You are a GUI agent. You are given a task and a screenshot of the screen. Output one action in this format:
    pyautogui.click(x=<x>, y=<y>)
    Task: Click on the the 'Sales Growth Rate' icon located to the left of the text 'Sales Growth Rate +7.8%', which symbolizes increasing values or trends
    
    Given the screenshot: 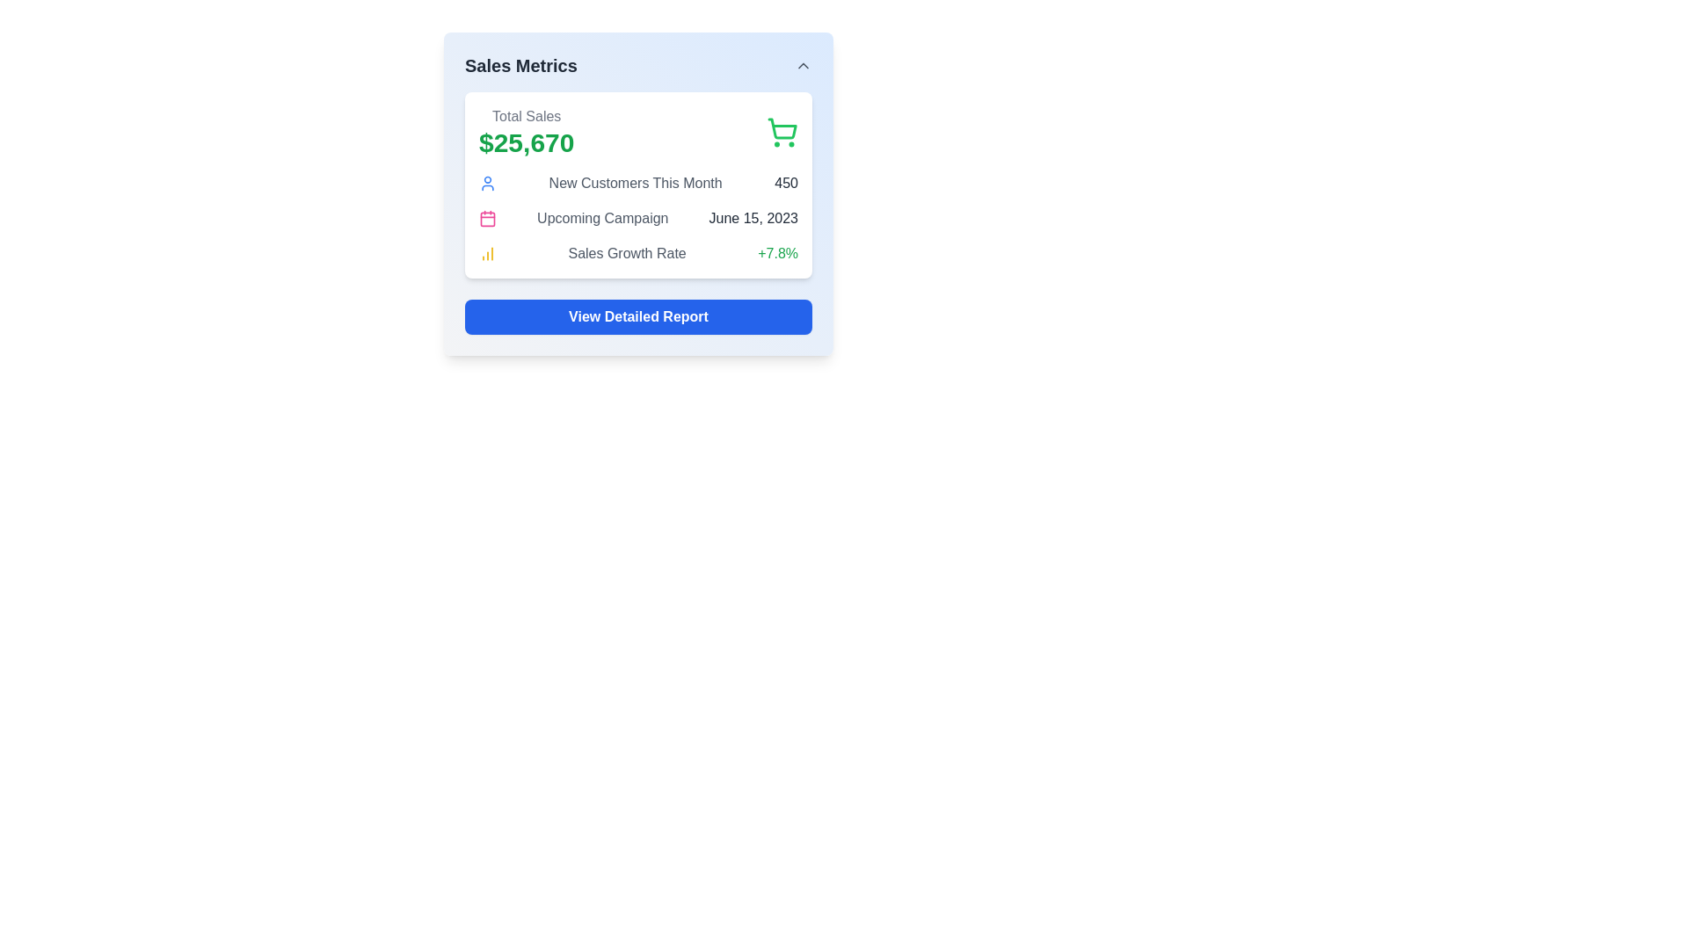 What is the action you would take?
    pyautogui.click(x=488, y=254)
    